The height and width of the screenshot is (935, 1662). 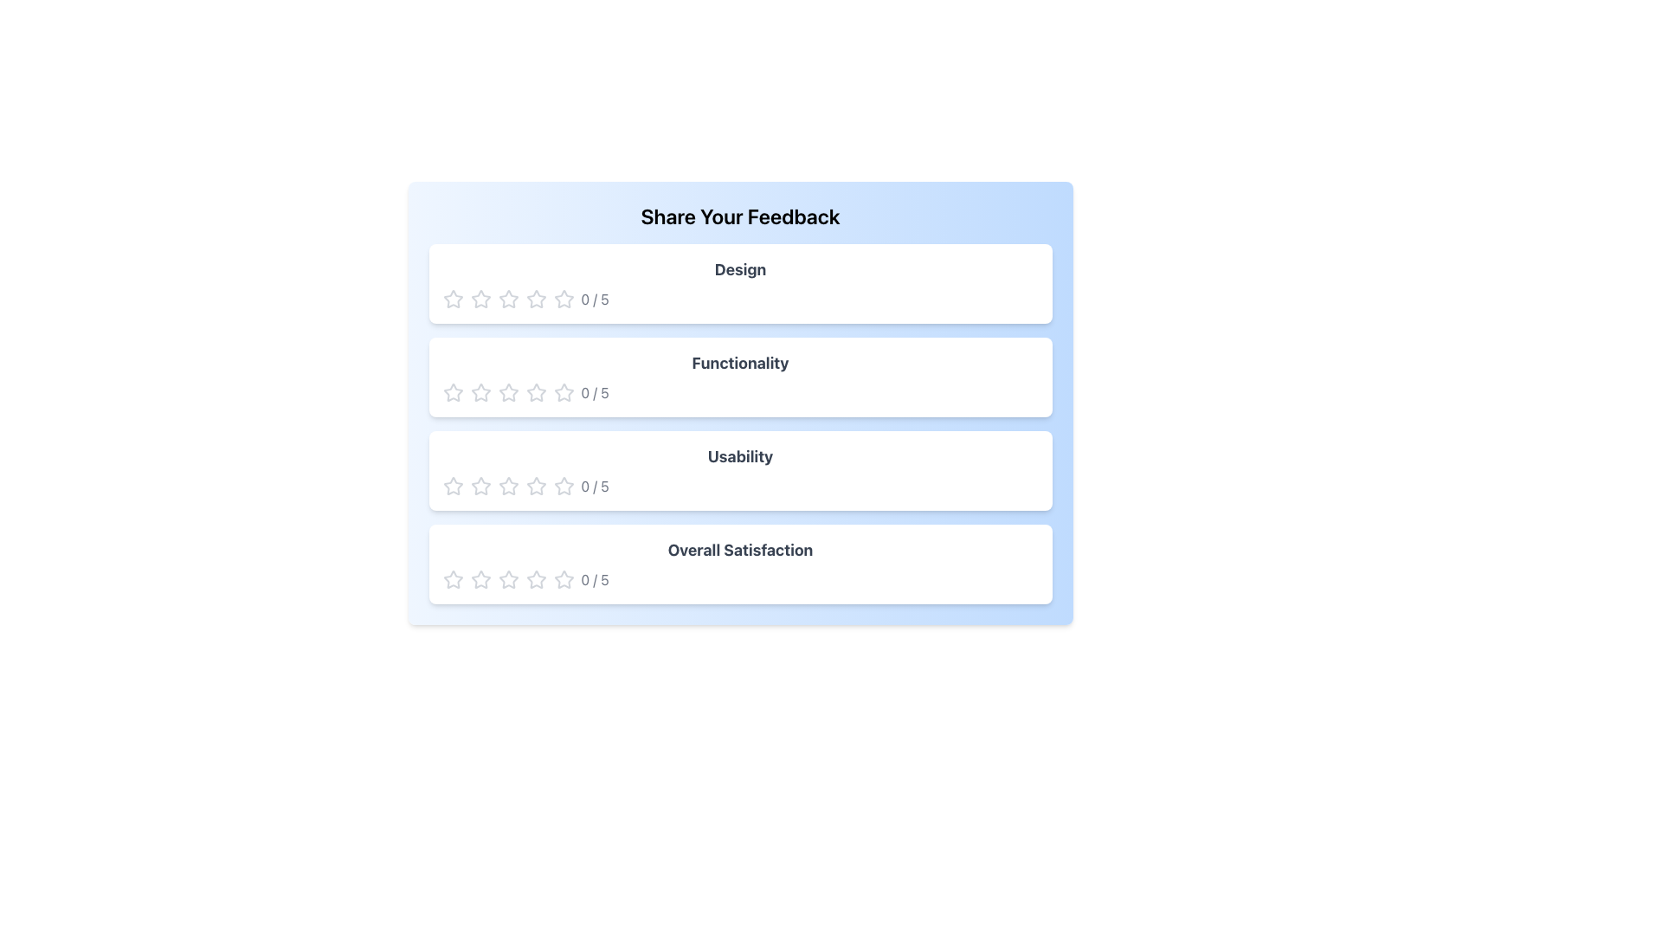 What do you see at coordinates (535, 298) in the screenshot?
I see `the second star-shaped vector graphic in the rating row under the 'Design' feedback section` at bounding box center [535, 298].